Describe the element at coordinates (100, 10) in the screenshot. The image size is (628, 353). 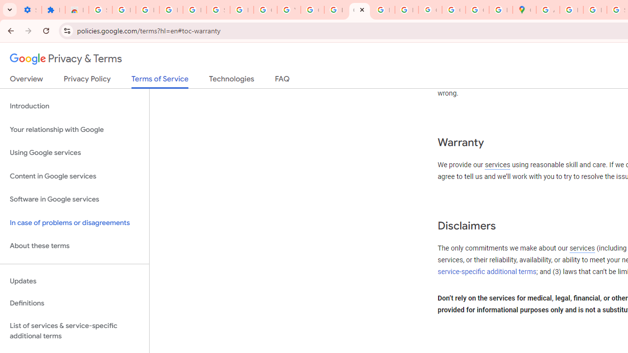
I see `'Sign in - Google Accounts'` at that location.